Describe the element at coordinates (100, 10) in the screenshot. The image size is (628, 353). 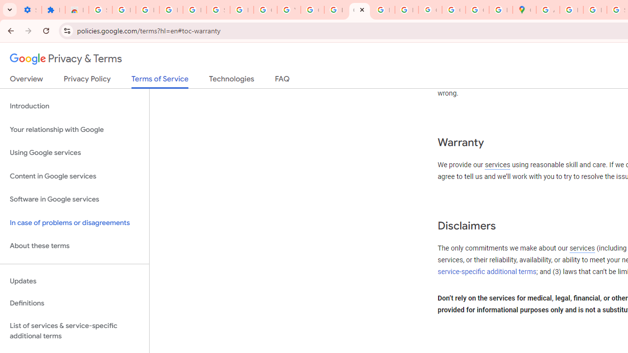
I see `'Sign in - Google Accounts'` at that location.